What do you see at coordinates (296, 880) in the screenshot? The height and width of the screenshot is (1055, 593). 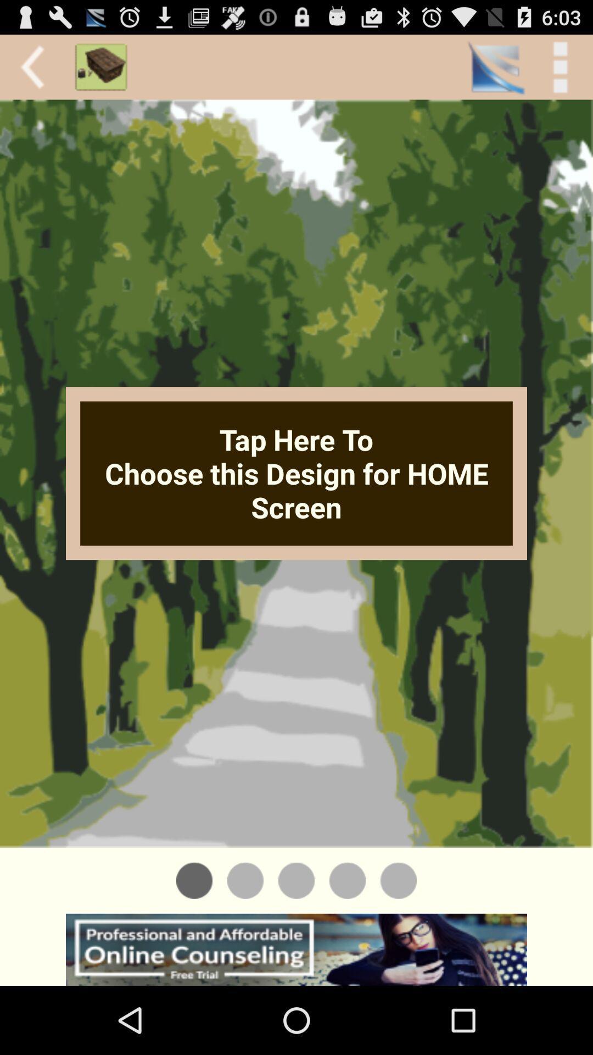 I see `see different design` at bounding box center [296, 880].